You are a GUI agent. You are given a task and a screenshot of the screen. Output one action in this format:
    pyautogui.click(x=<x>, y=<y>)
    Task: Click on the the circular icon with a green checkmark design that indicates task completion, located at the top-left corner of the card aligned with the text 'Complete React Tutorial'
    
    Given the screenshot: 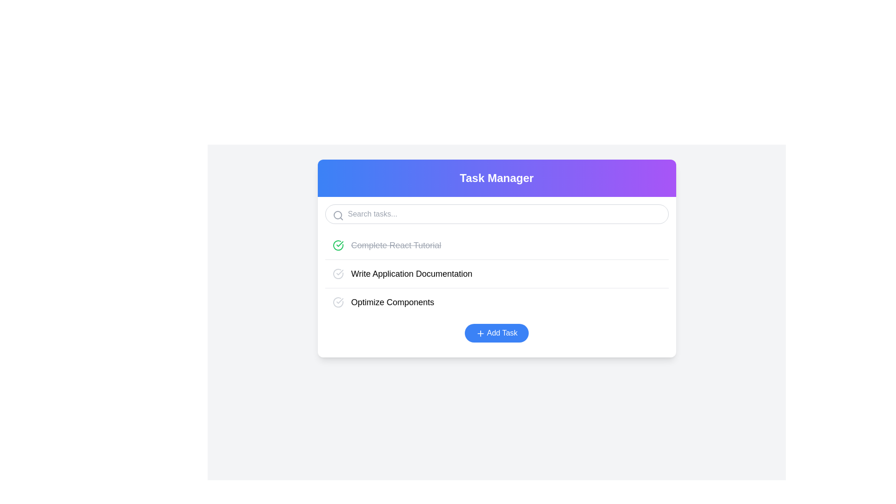 What is the action you would take?
    pyautogui.click(x=337, y=245)
    